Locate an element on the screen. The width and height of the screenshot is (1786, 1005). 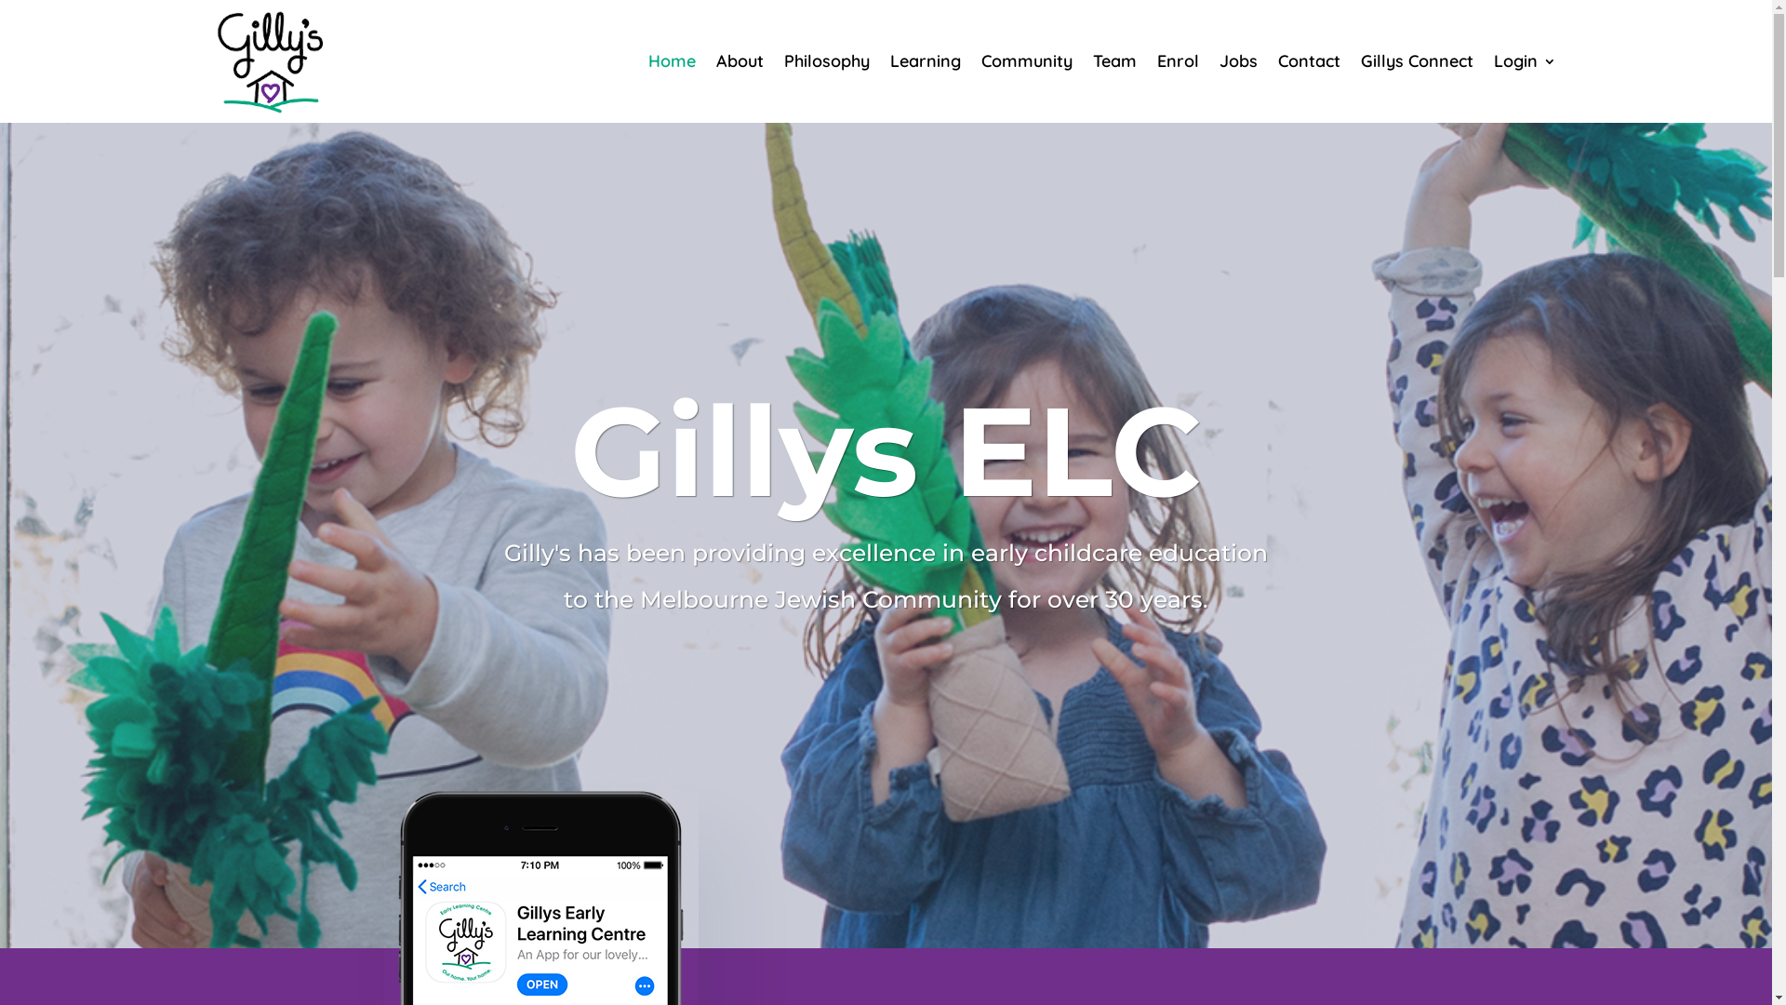
'Gillys Connect' is located at coordinates (1415, 60).